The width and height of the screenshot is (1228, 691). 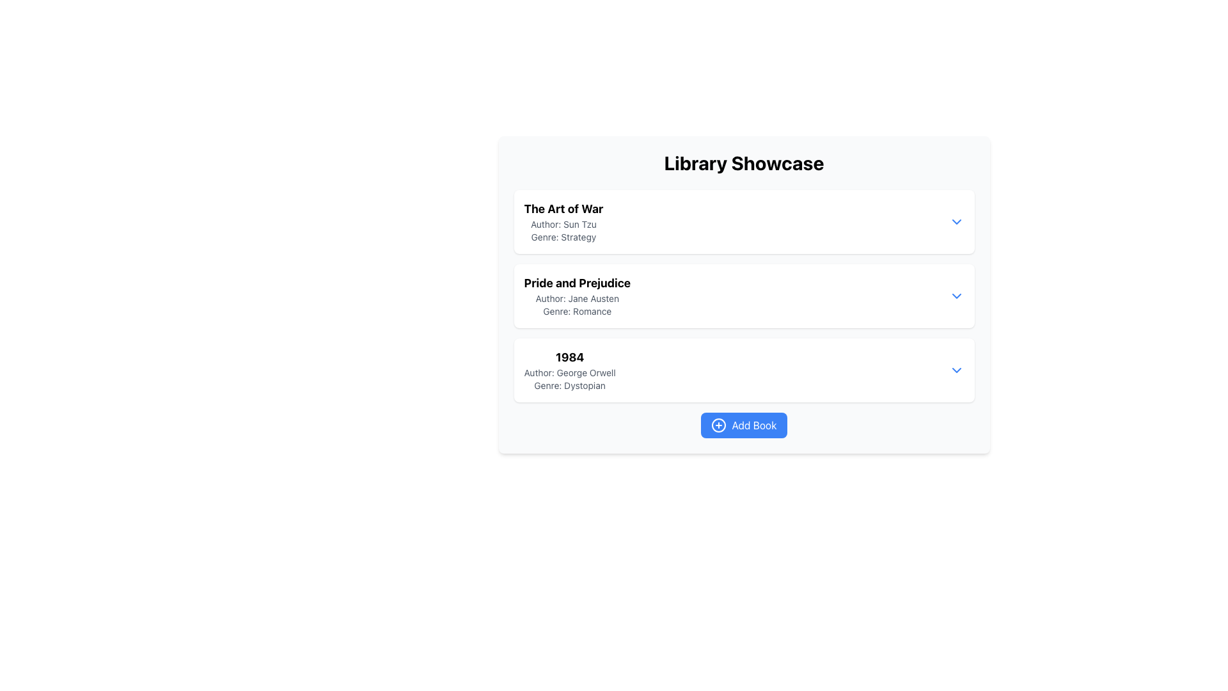 I want to click on the information card displaying details about the book '1984', which is the third item in the 'Library Showcase' section, located between the 'Pride and Prejudice' card and the 'Add Book' button, so click(x=744, y=370).